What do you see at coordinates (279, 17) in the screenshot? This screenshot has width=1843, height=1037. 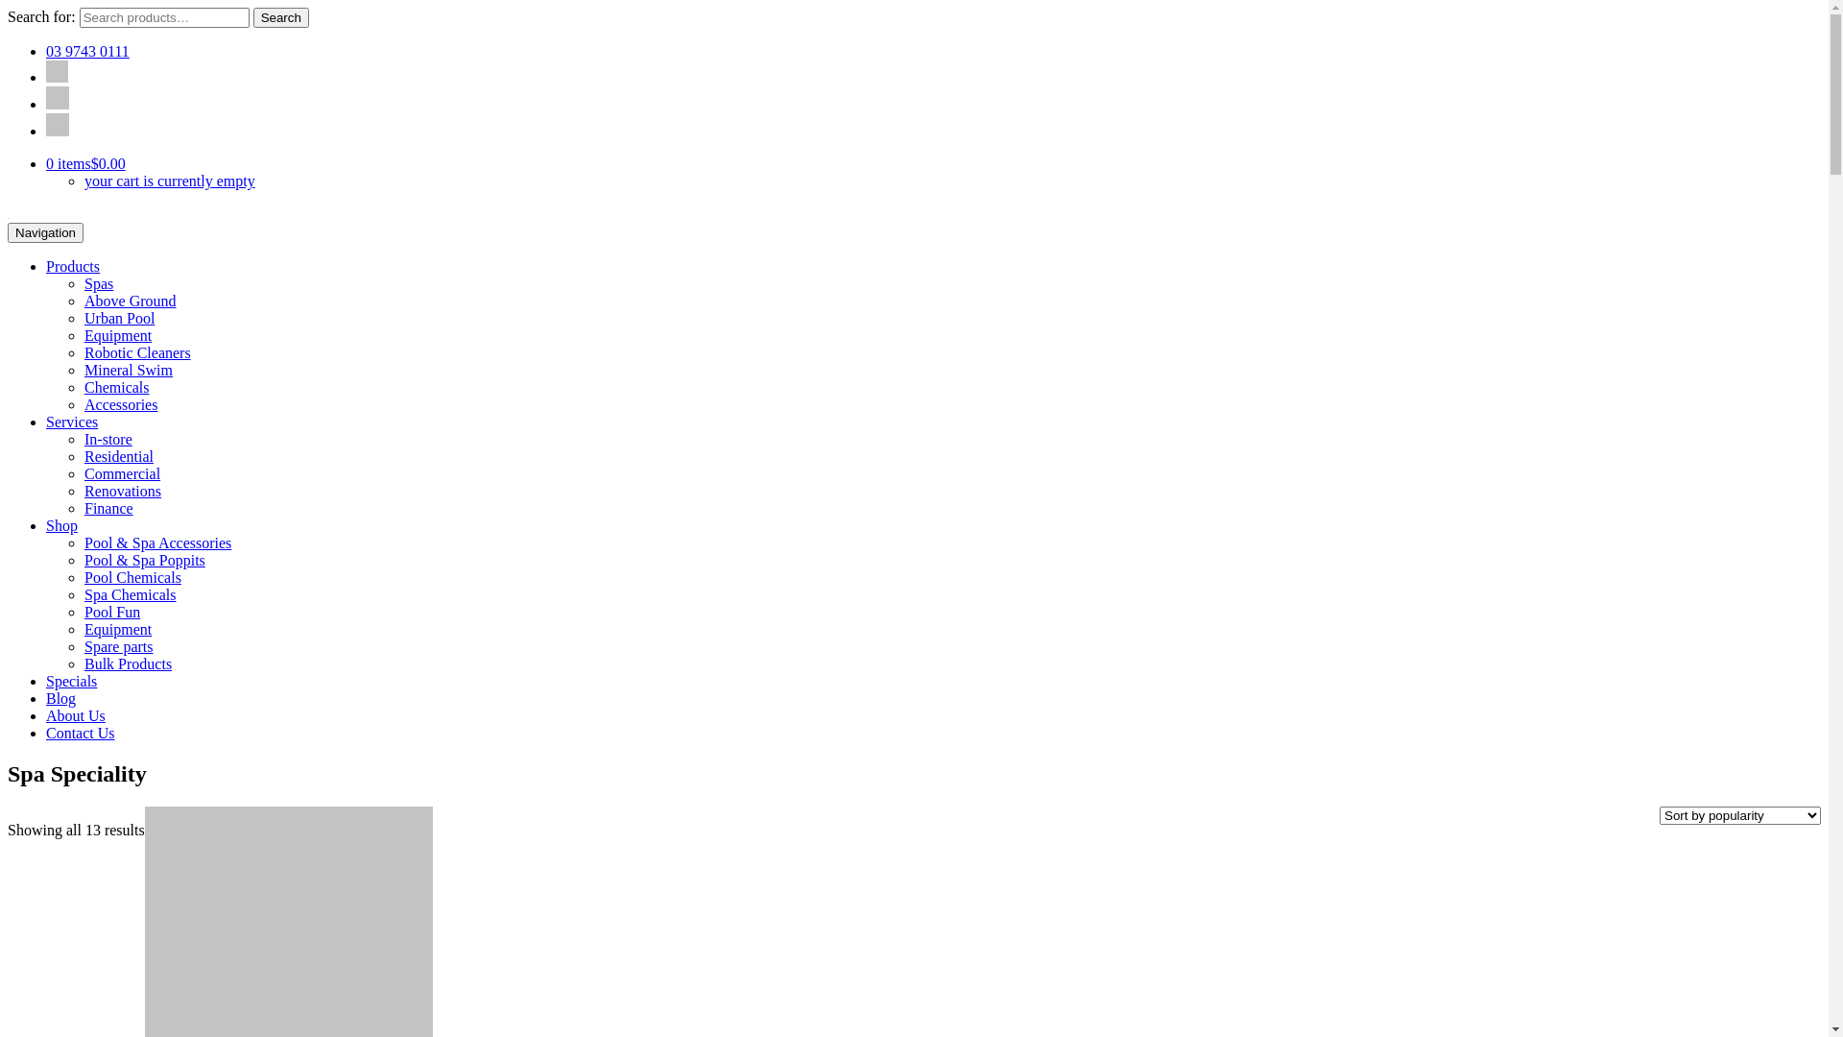 I see `'Search'` at bounding box center [279, 17].